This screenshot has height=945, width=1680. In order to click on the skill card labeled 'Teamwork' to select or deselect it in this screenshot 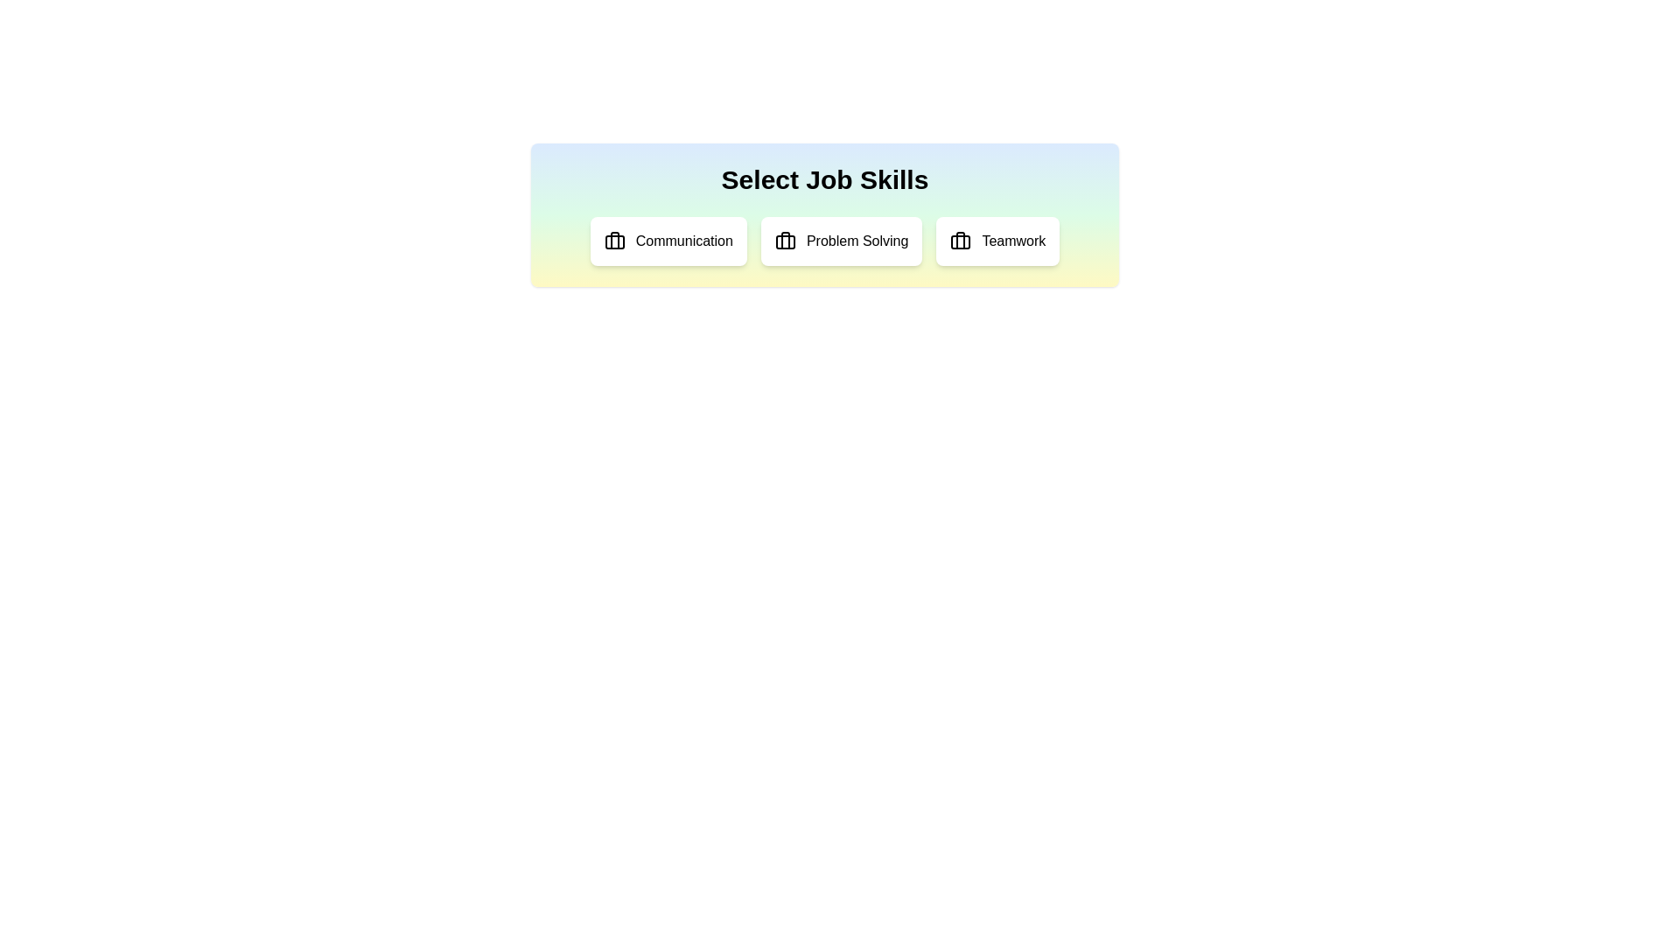, I will do `click(997, 241)`.